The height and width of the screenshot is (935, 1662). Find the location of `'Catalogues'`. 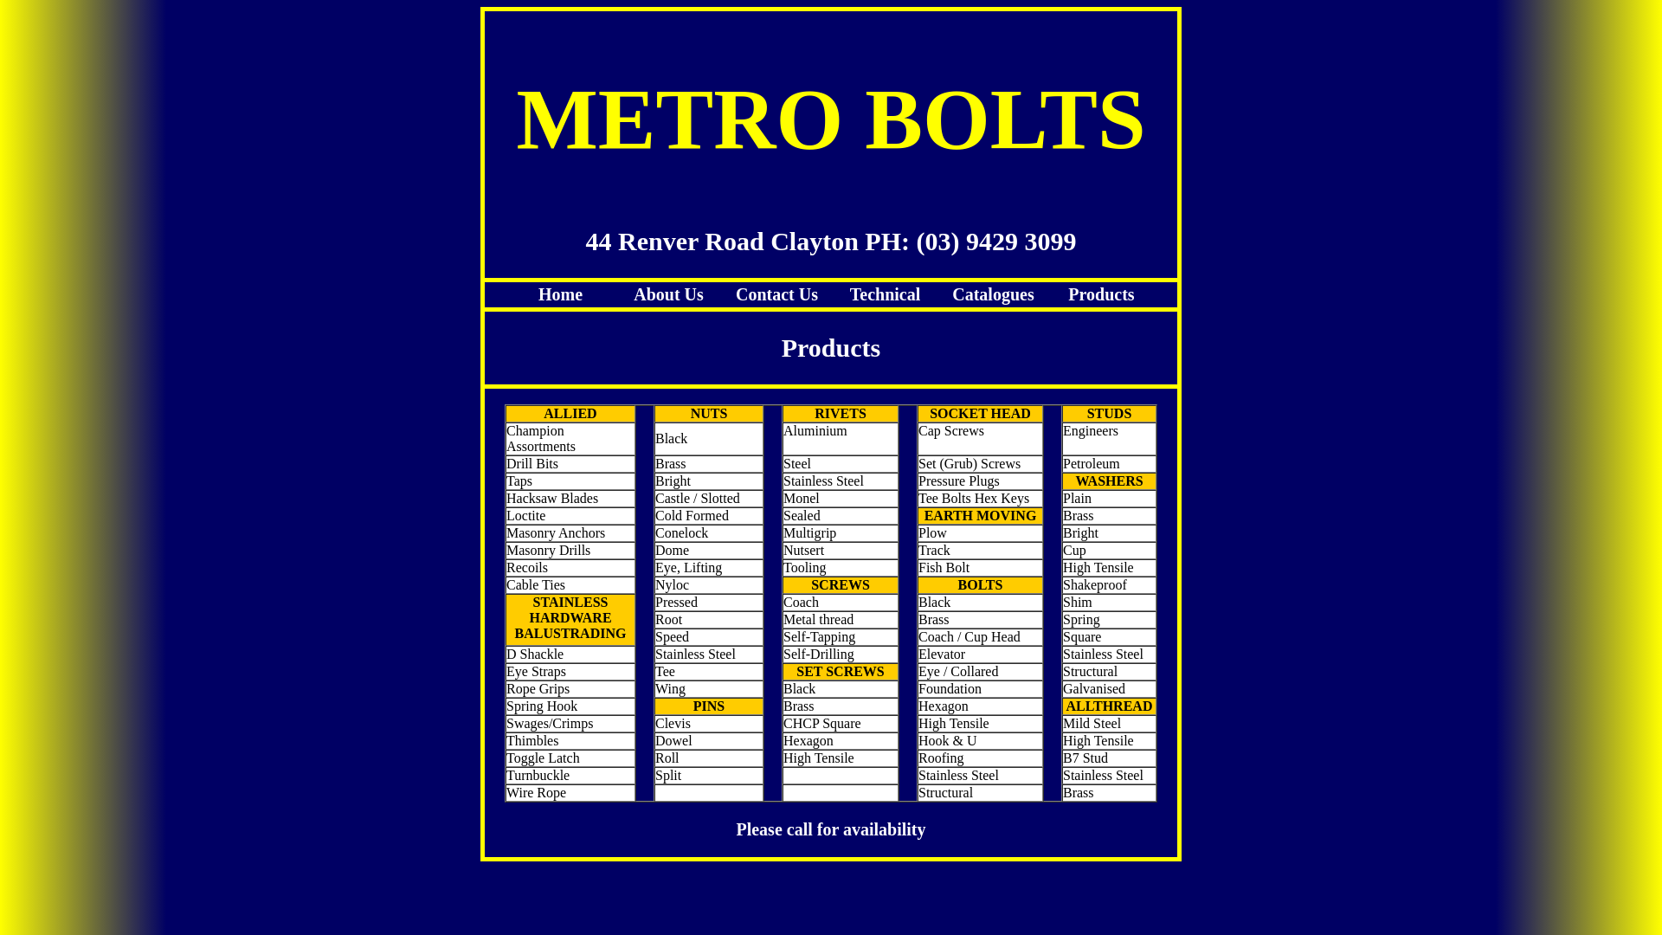

'Catalogues' is located at coordinates (993, 293).